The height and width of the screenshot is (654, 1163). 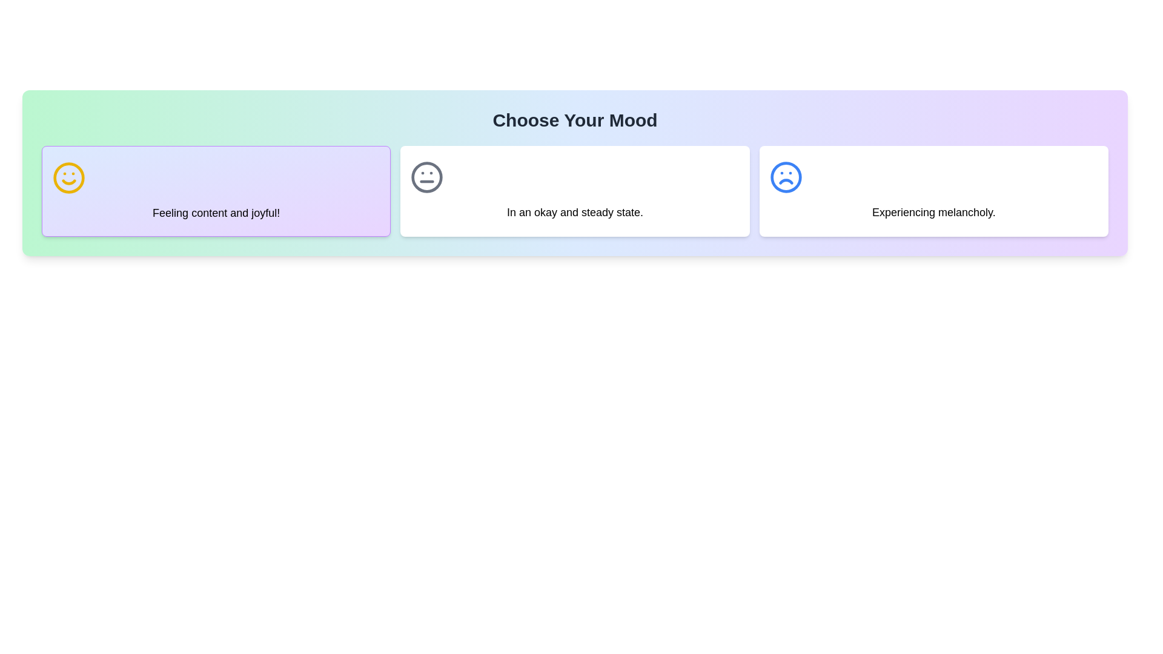 I want to click on the circular shape component with a yellow border, part of the smiley face icon in the leftmost mood selection card, so click(x=68, y=177).